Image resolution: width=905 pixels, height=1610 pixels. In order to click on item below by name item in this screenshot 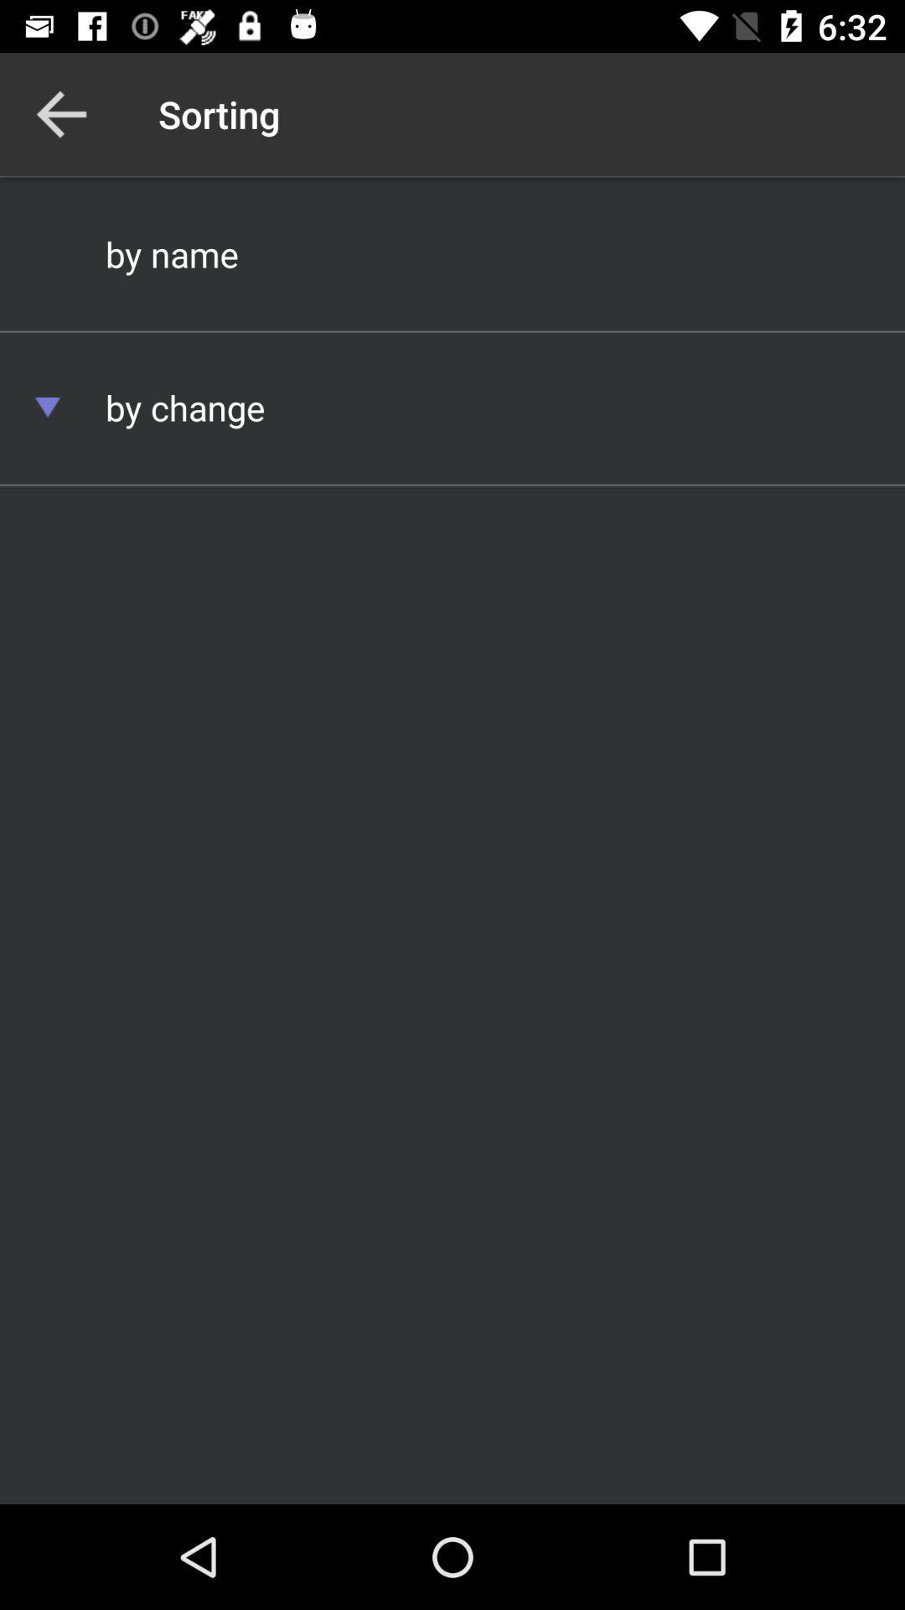, I will do `click(47, 407)`.